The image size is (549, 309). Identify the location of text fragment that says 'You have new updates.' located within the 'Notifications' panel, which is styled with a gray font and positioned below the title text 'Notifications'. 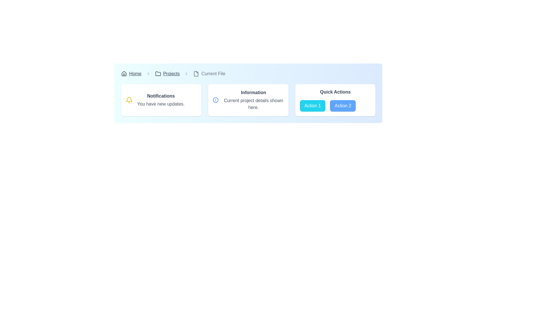
(160, 104).